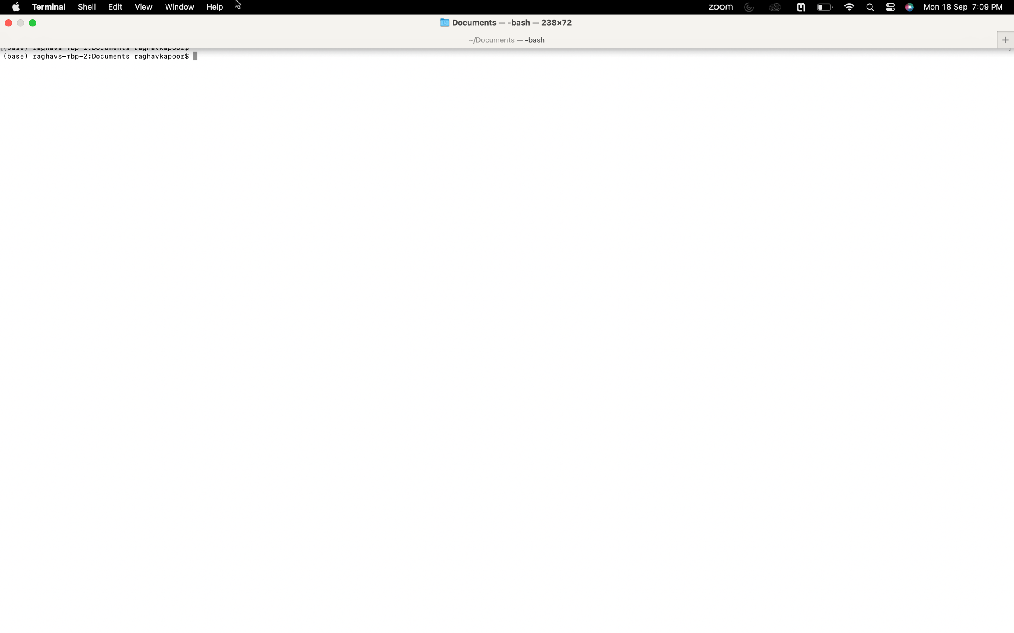  I want to click on To exit full screen, click on the green symbol, so click(32, 23).